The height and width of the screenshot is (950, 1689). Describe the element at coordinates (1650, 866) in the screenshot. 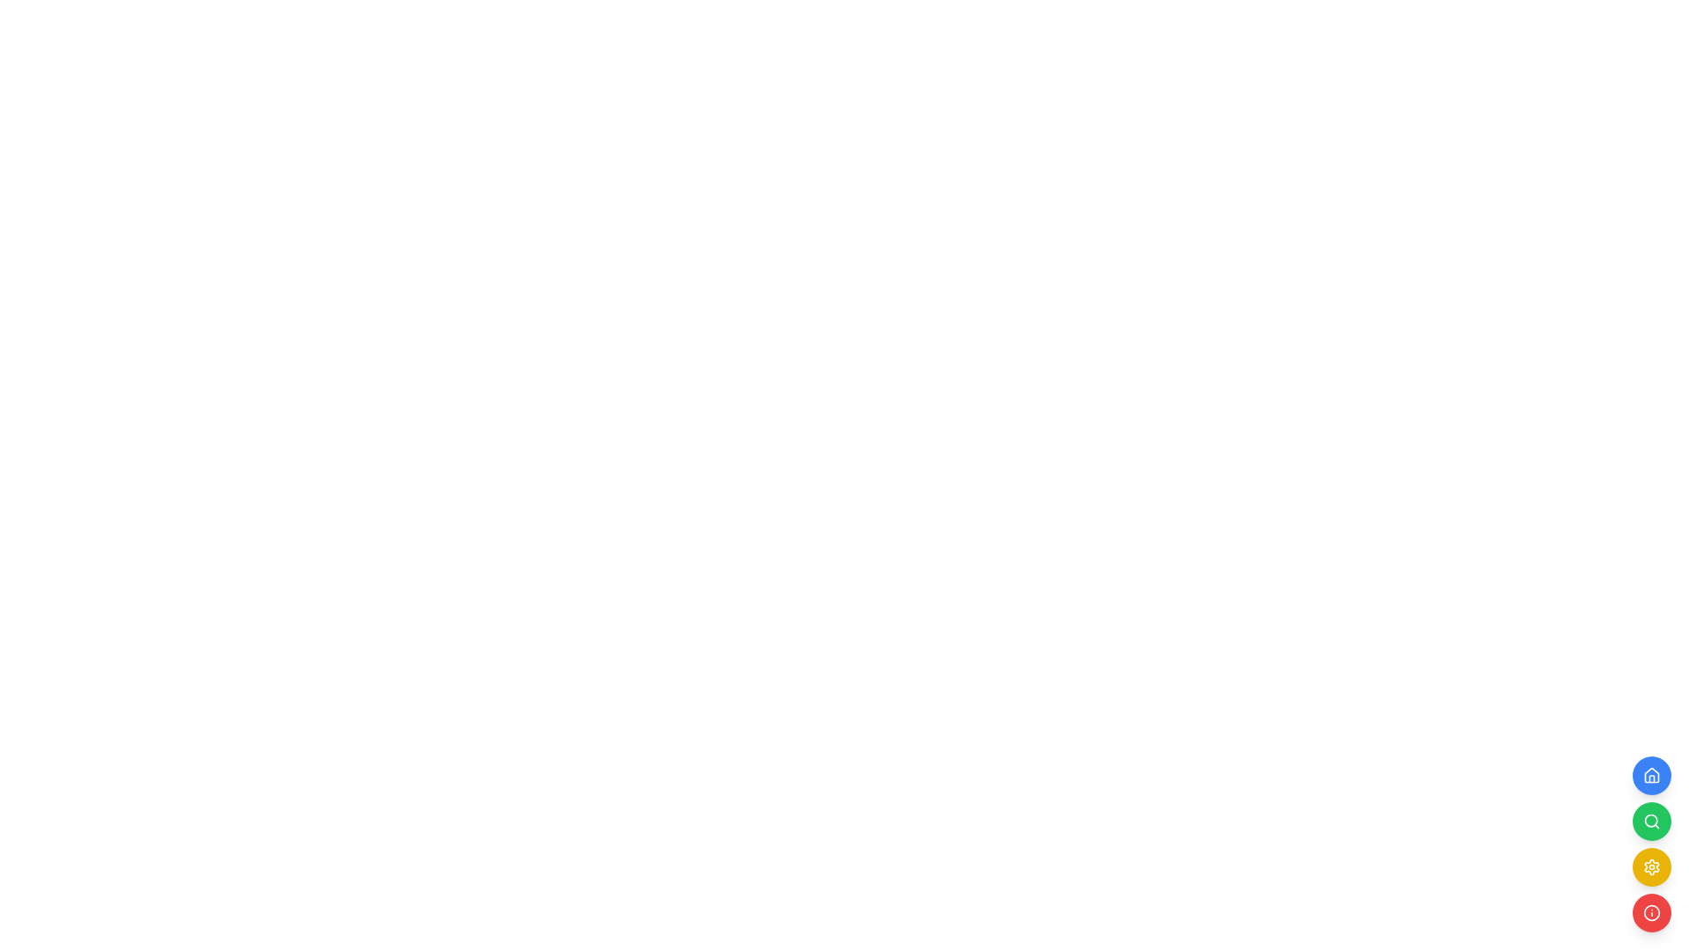

I see `the gear-like representation, which is part of the settings icon, located on the right side of the interface` at that location.